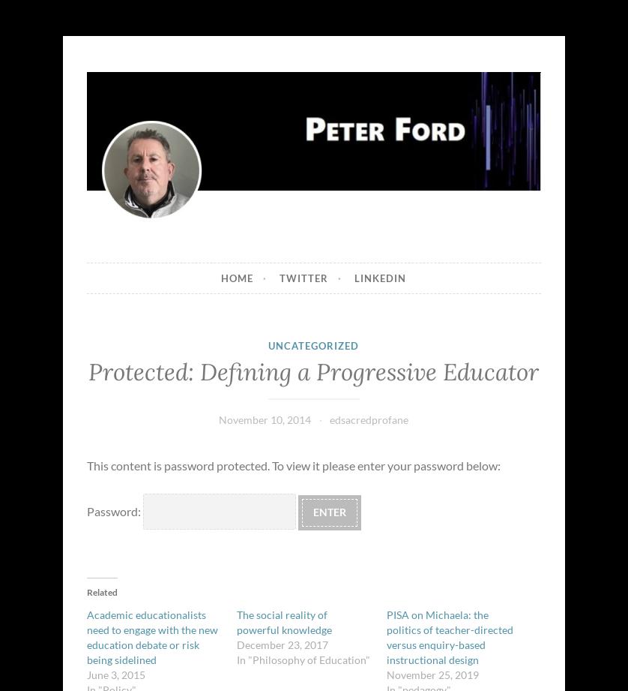  What do you see at coordinates (369, 418) in the screenshot?
I see `'edsacredprofane'` at bounding box center [369, 418].